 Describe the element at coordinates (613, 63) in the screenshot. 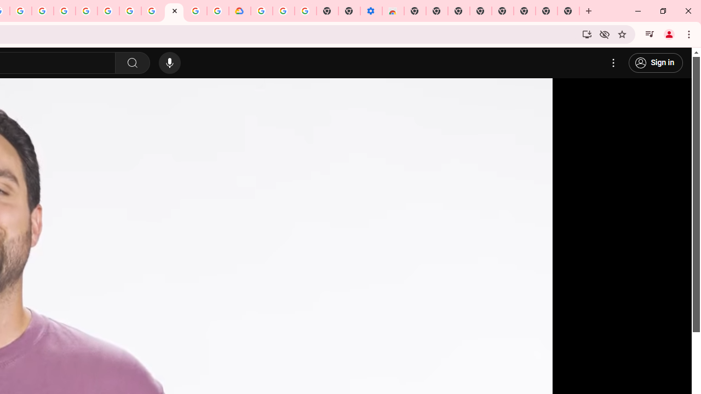

I see `'Settings'` at that location.